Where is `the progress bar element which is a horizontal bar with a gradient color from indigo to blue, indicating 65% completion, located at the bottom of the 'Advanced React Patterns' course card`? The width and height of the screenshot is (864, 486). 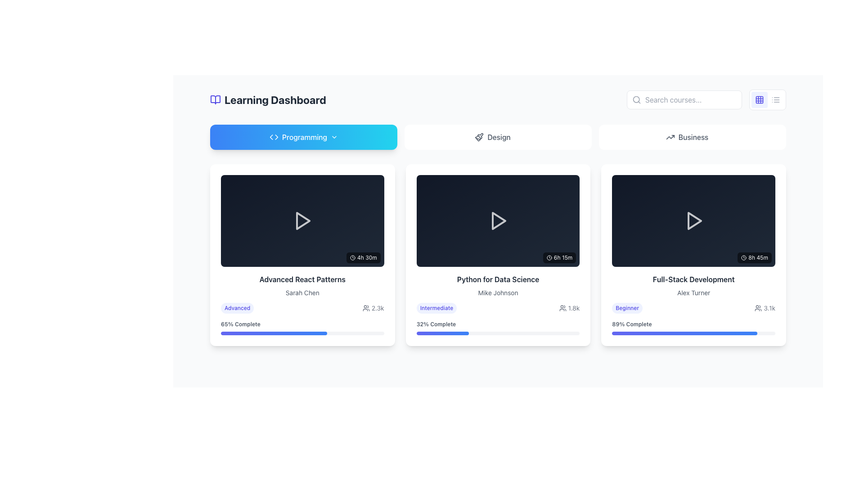 the progress bar element which is a horizontal bar with a gradient color from indigo to blue, indicating 65% completion, located at the bottom of the 'Advanced React Patterns' course card is located at coordinates (302, 333).